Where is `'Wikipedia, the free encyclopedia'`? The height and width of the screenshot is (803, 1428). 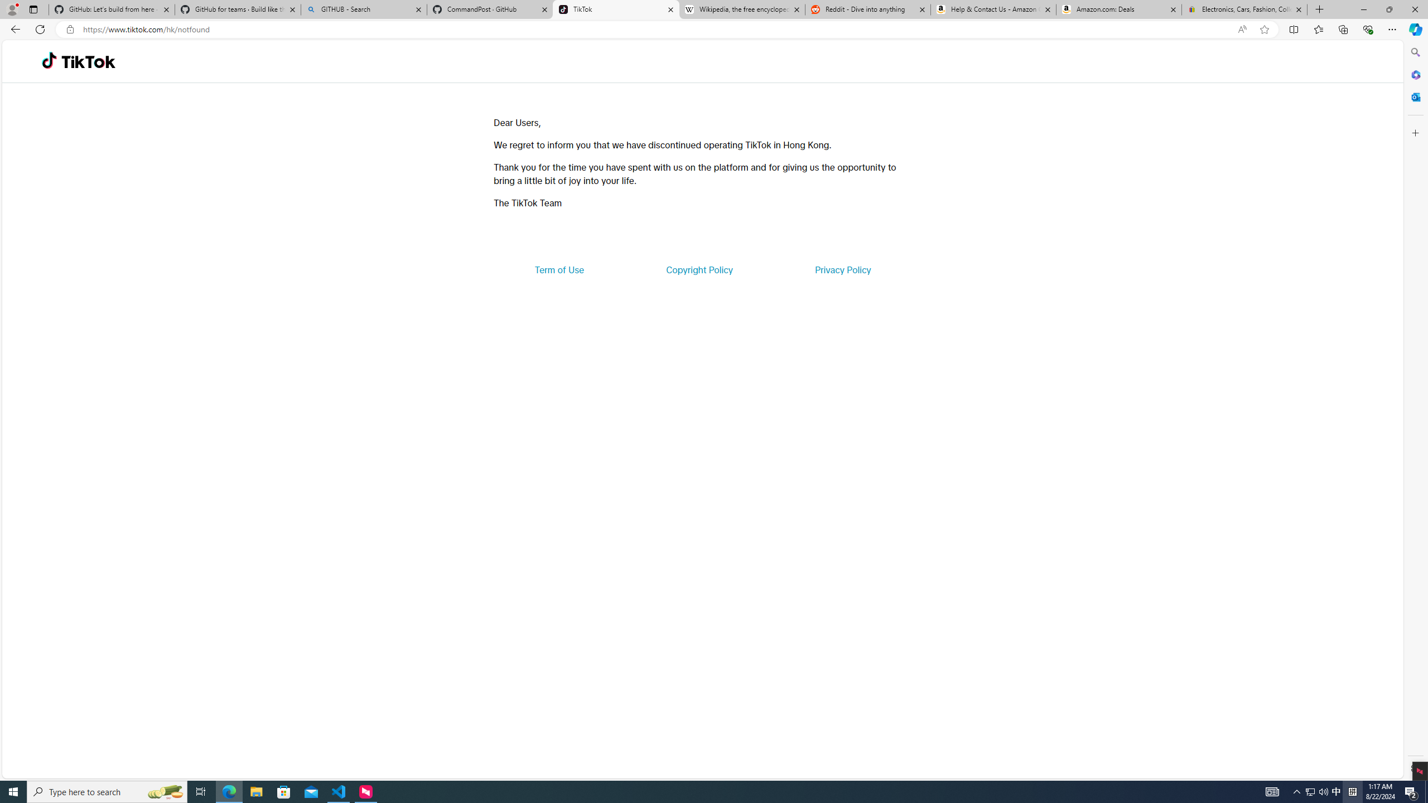
'Wikipedia, the free encyclopedia' is located at coordinates (741, 9).